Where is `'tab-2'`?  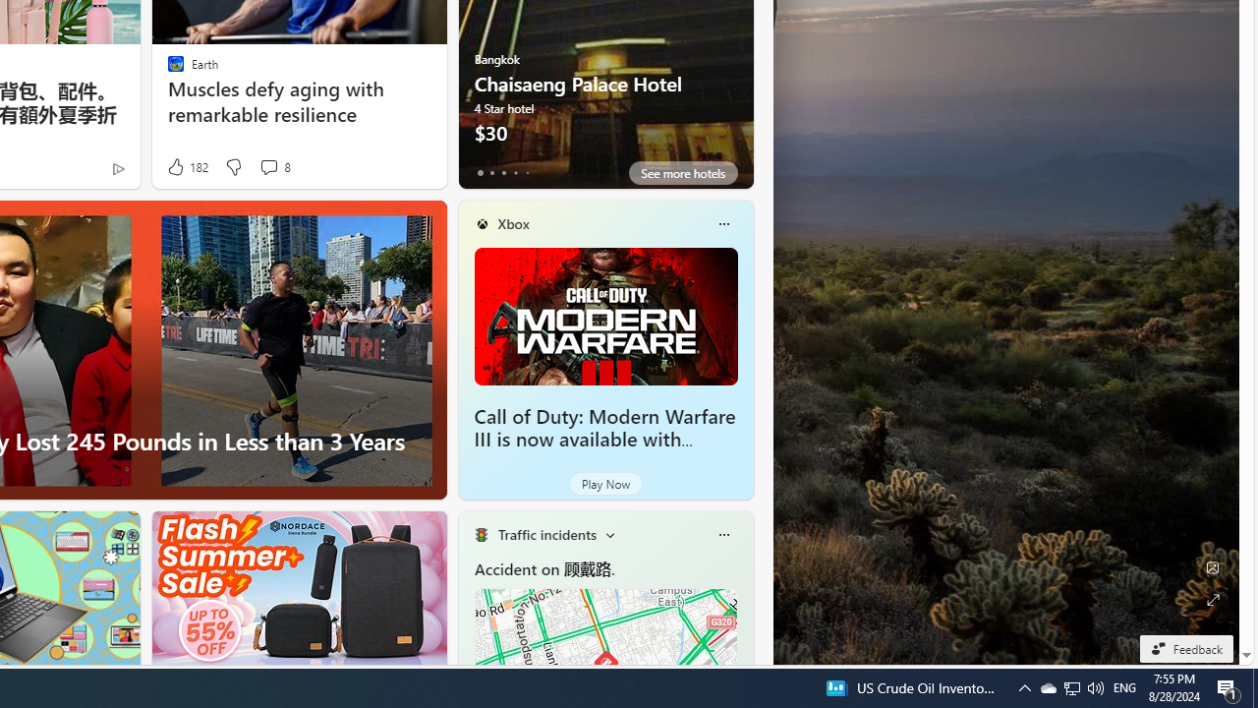
'tab-2' is located at coordinates (503, 172).